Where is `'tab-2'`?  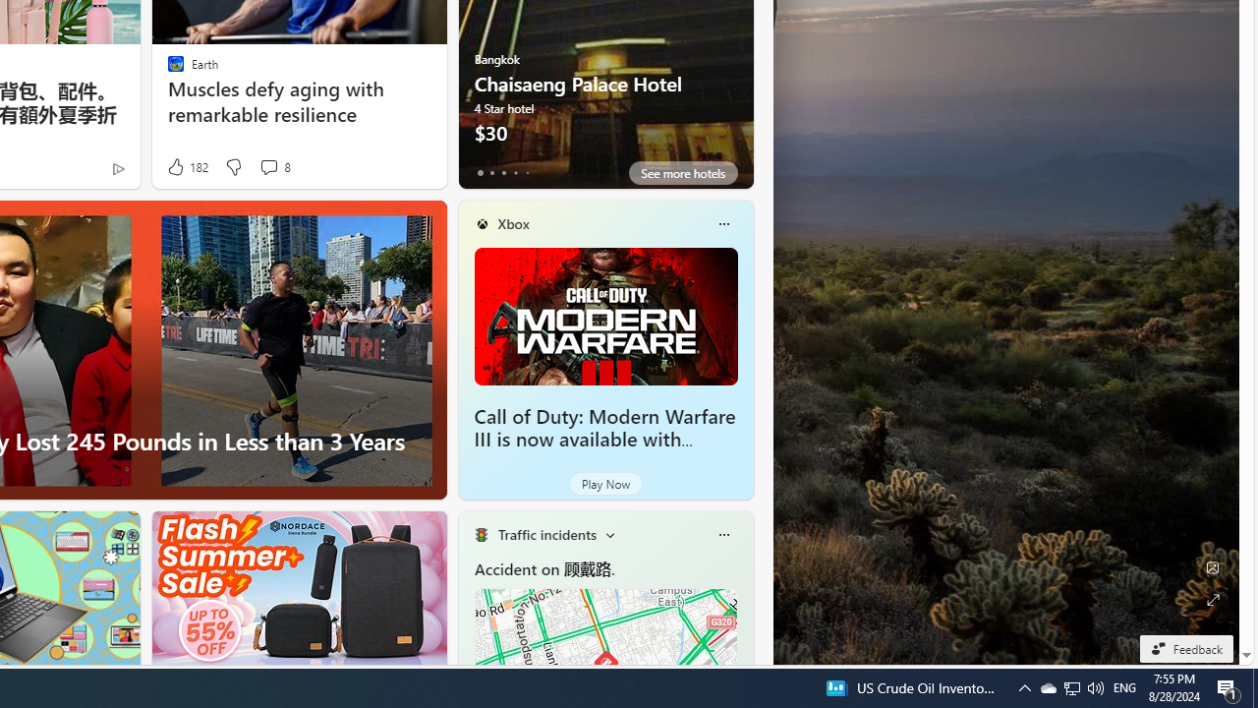
'tab-2' is located at coordinates (503, 172).